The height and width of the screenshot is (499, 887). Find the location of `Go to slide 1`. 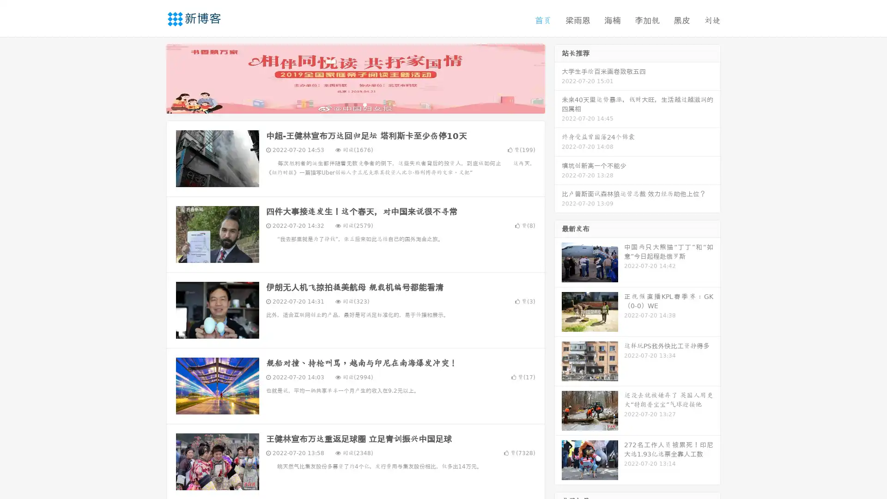

Go to slide 1 is located at coordinates (346, 104).